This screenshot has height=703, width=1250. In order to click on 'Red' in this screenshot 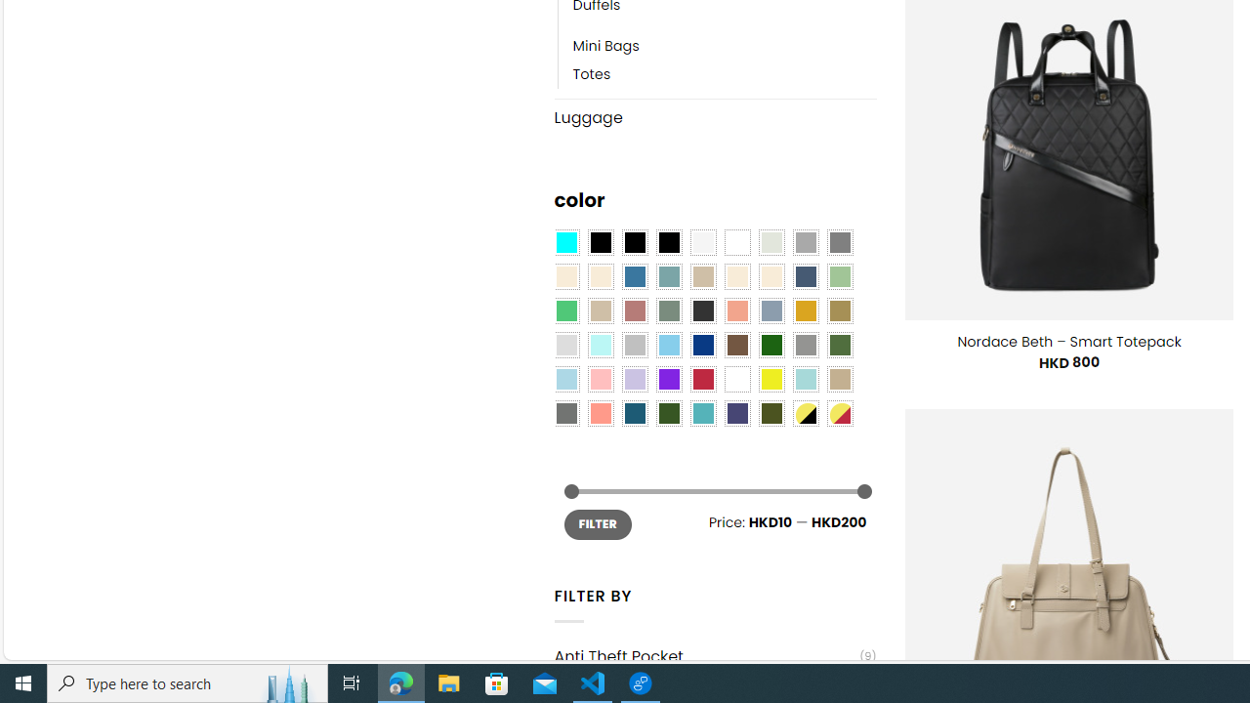, I will do `click(703, 379)`.